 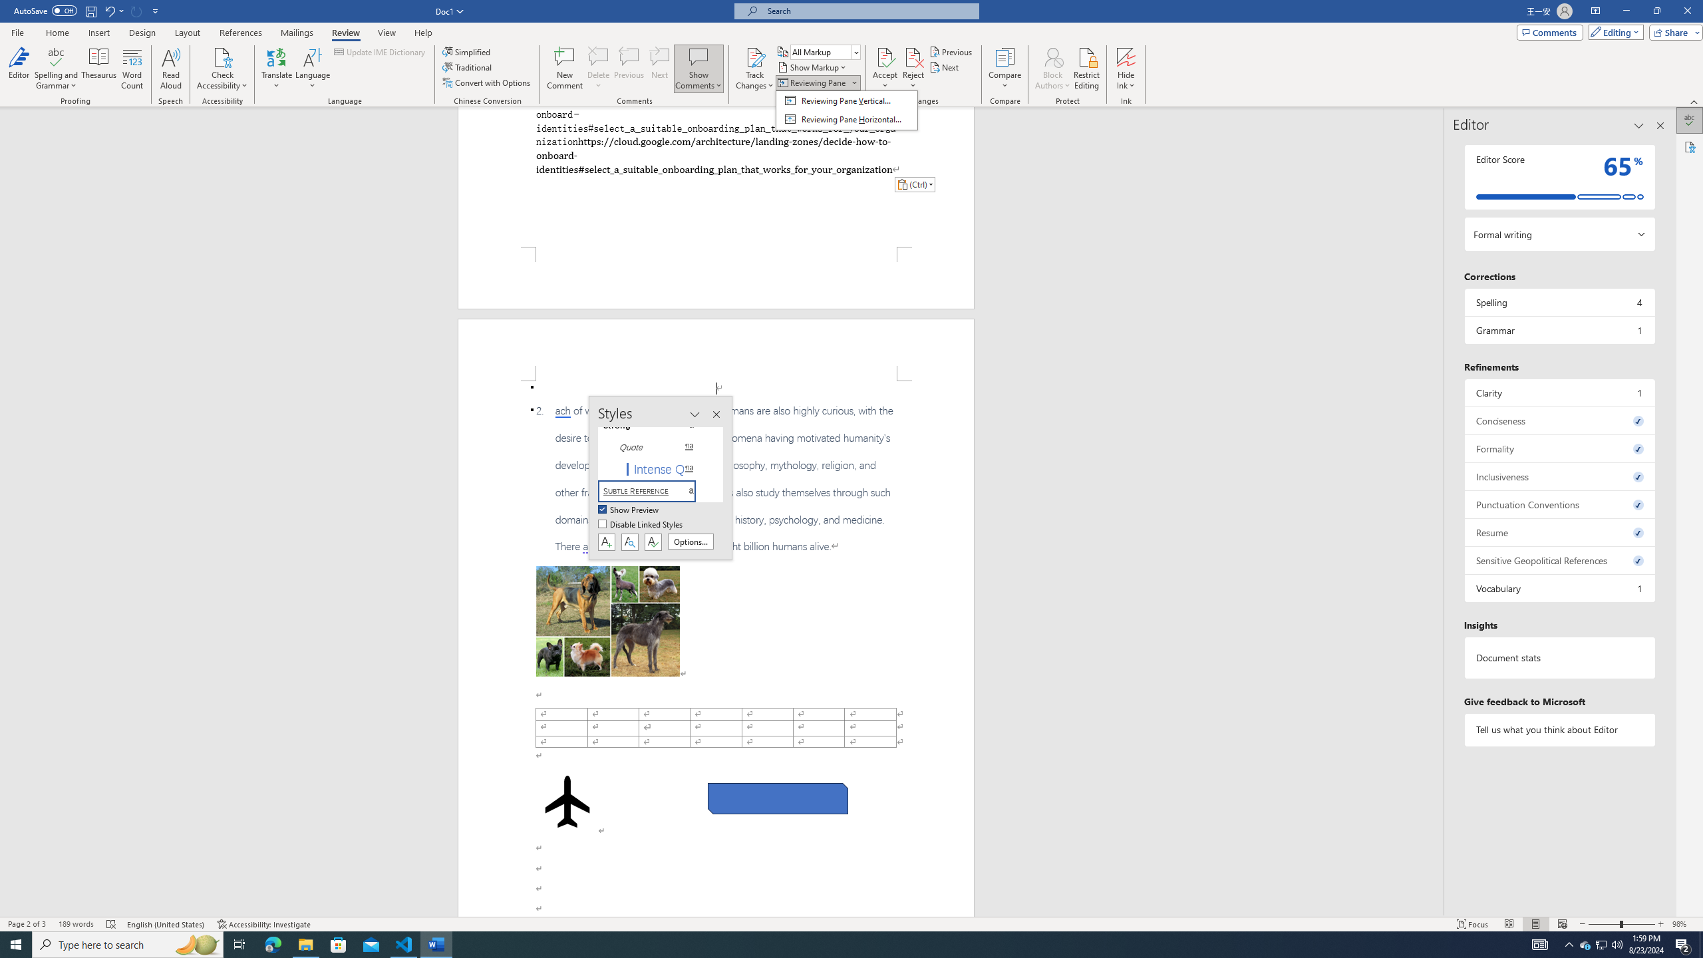 I want to click on 'Show Comments', so click(x=698, y=69).